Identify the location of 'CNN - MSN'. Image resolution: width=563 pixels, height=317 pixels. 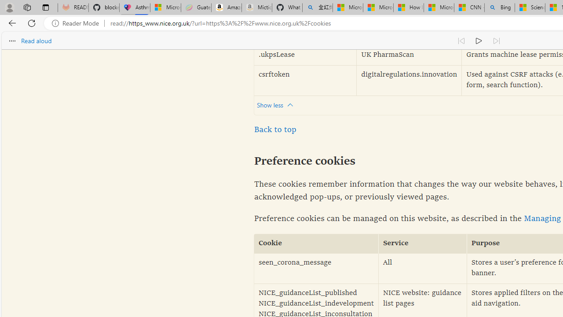
(468, 7).